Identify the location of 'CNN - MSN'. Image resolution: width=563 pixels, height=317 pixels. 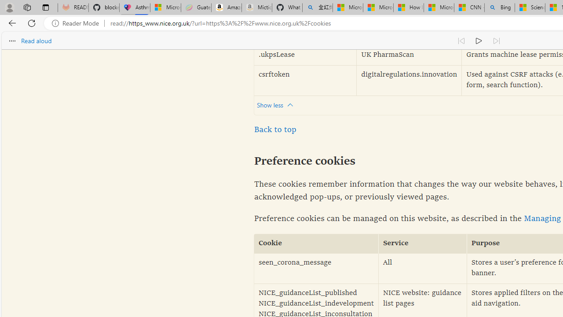
(468, 7).